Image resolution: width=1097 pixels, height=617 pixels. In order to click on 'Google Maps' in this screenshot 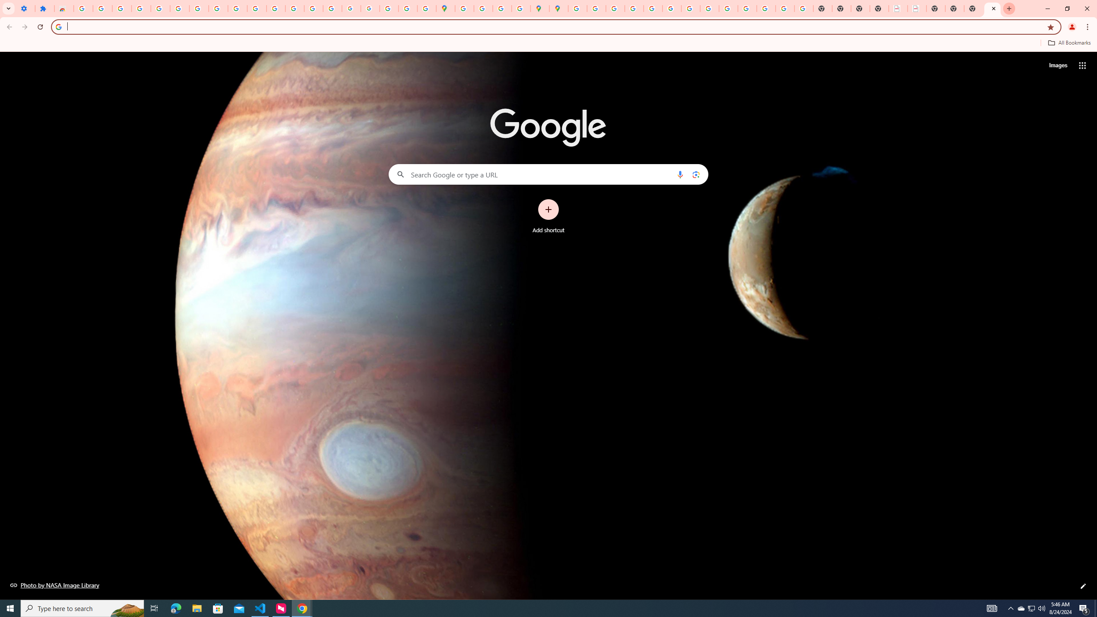, I will do `click(445, 8)`.